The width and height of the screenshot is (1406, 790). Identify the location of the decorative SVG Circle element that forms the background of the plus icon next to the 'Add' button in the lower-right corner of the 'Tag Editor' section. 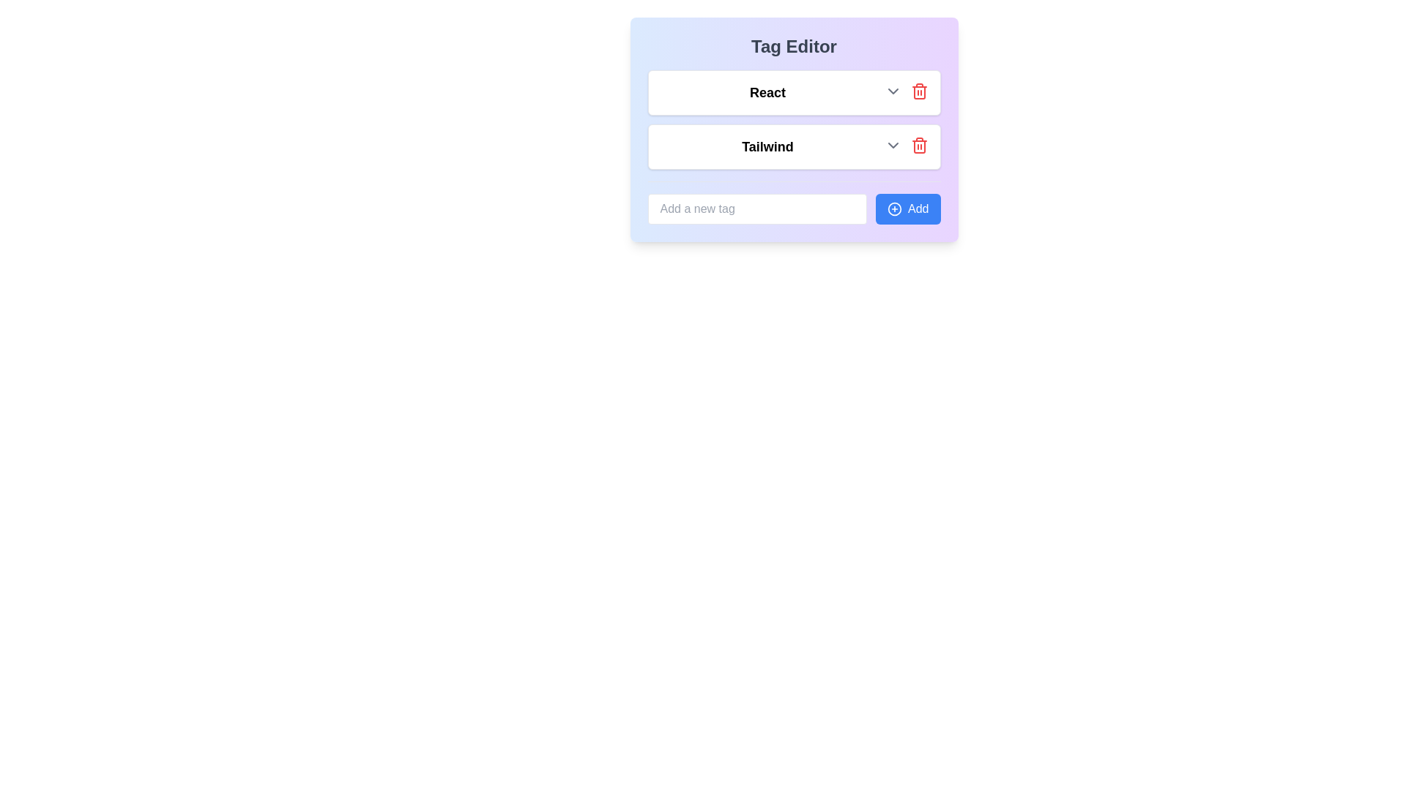
(894, 208).